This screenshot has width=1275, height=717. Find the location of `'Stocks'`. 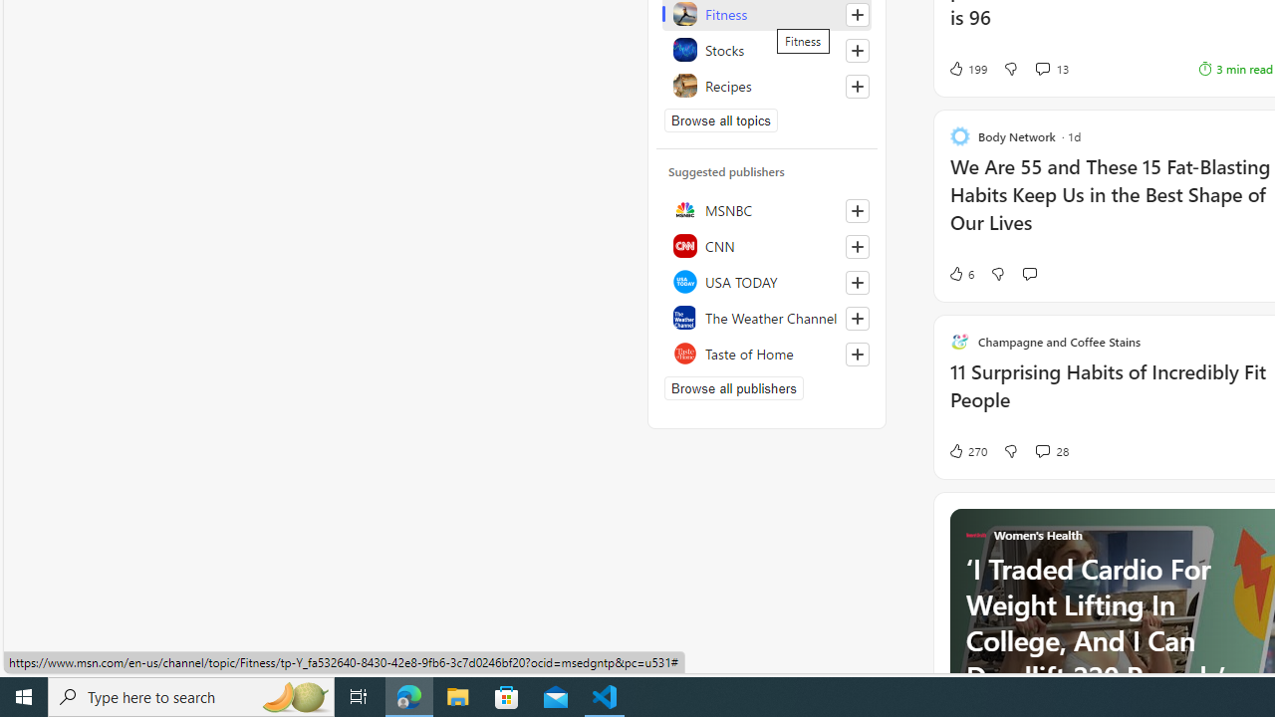

'Stocks' is located at coordinates (766, 49).